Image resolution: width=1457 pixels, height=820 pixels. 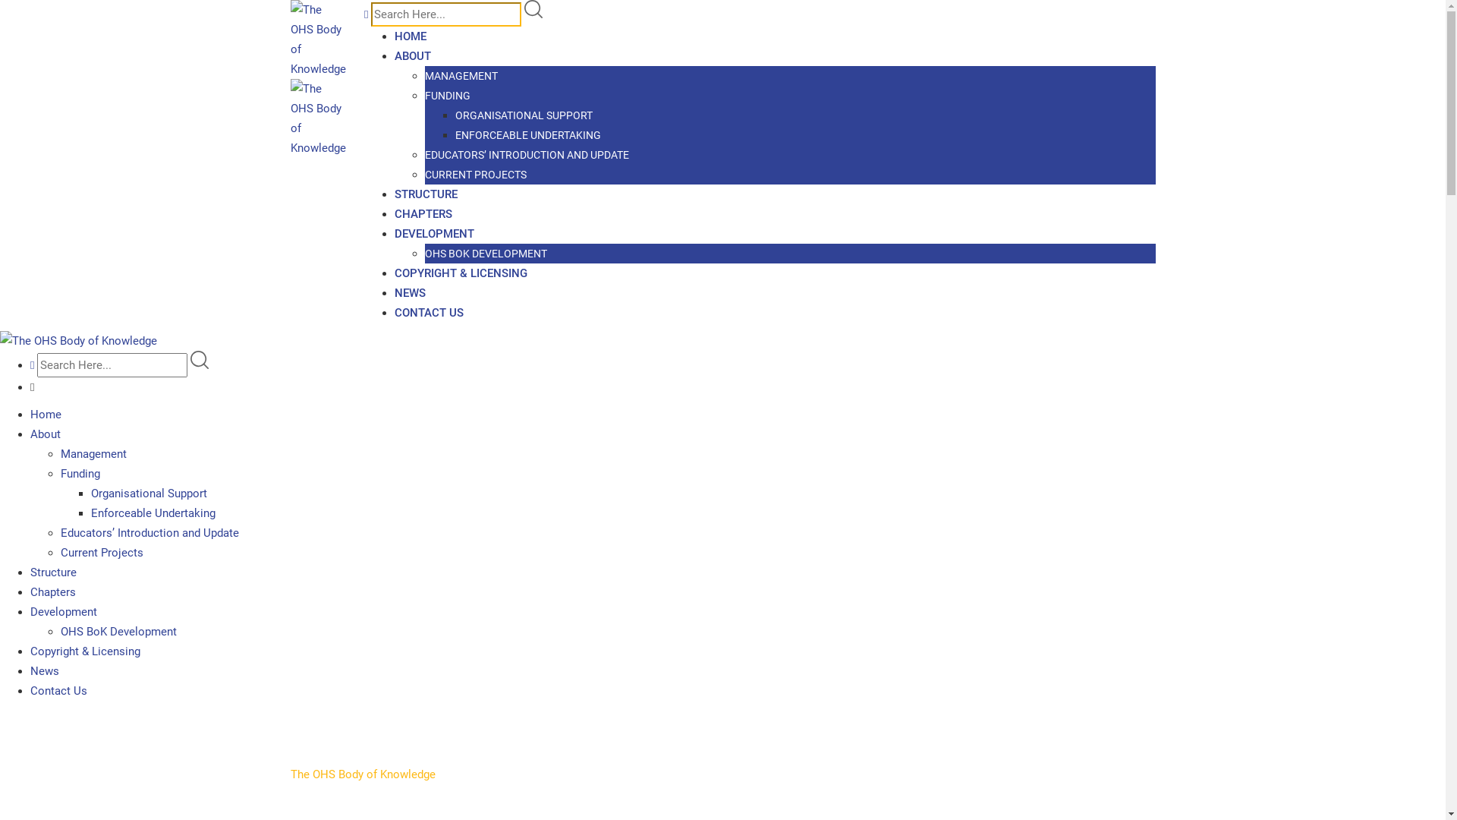 What do you see at coordinates (425, 193) in the screenshot?
I see `'STRUCTURE'` at bounding box center [425, 193].